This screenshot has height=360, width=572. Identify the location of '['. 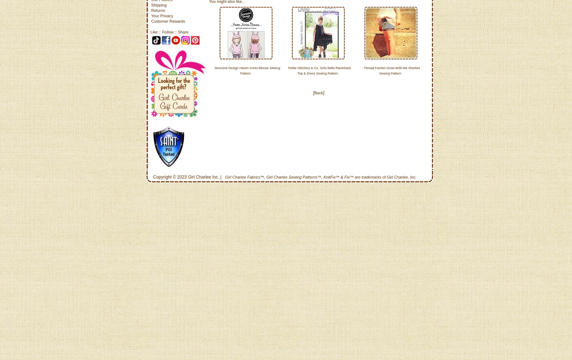
(313, 93).